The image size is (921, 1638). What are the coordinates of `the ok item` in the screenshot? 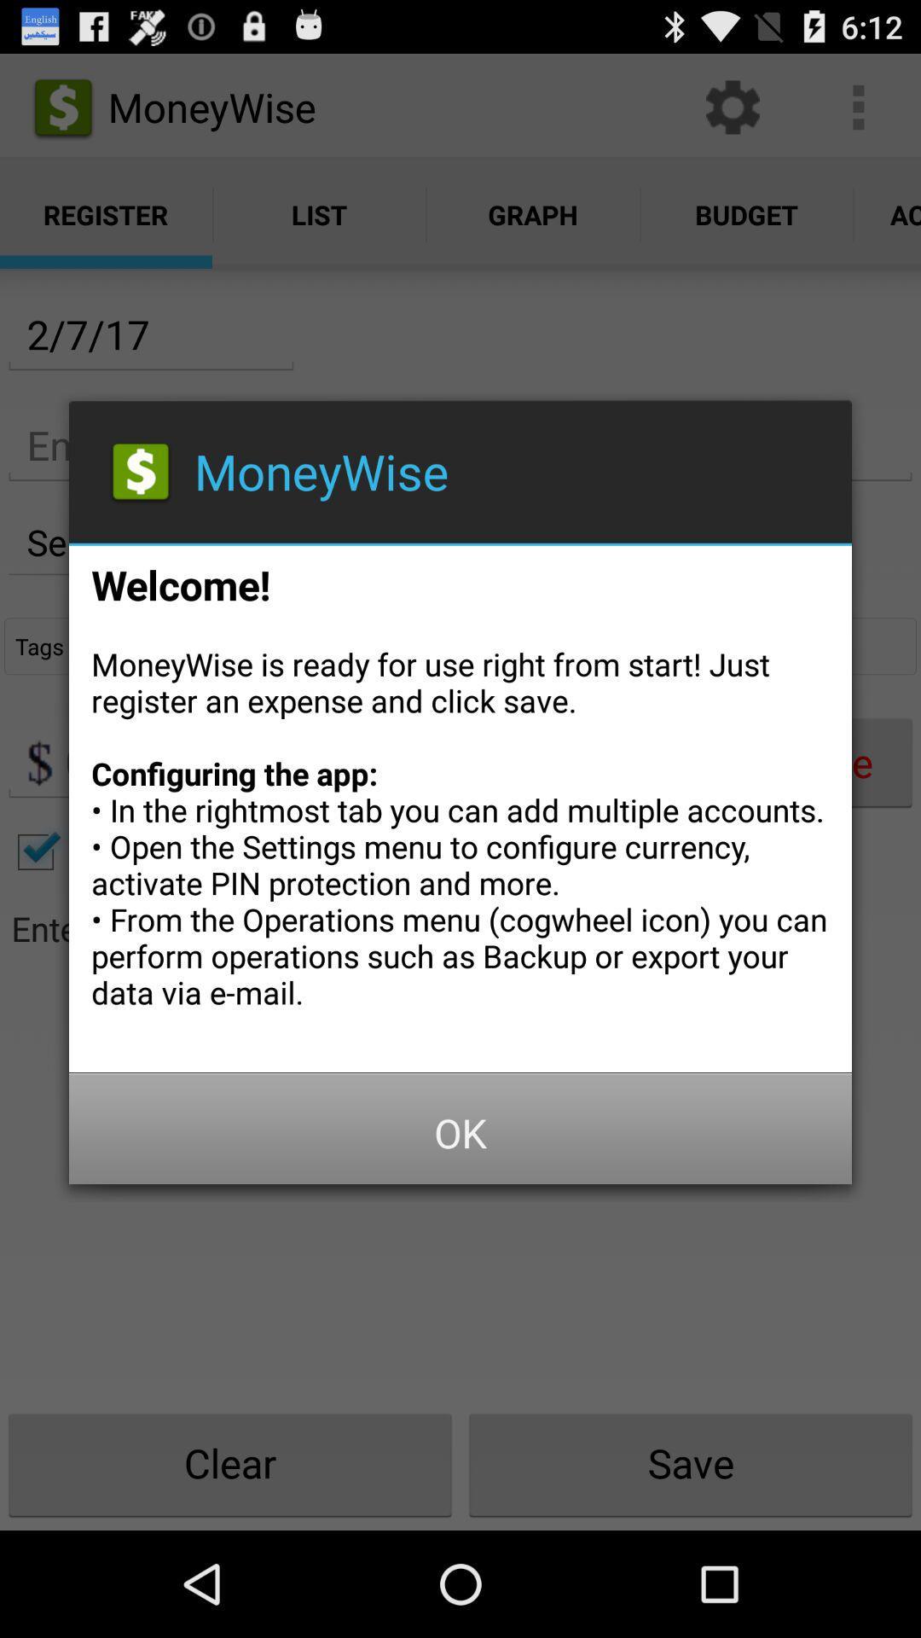 It's located at (460, 1133).